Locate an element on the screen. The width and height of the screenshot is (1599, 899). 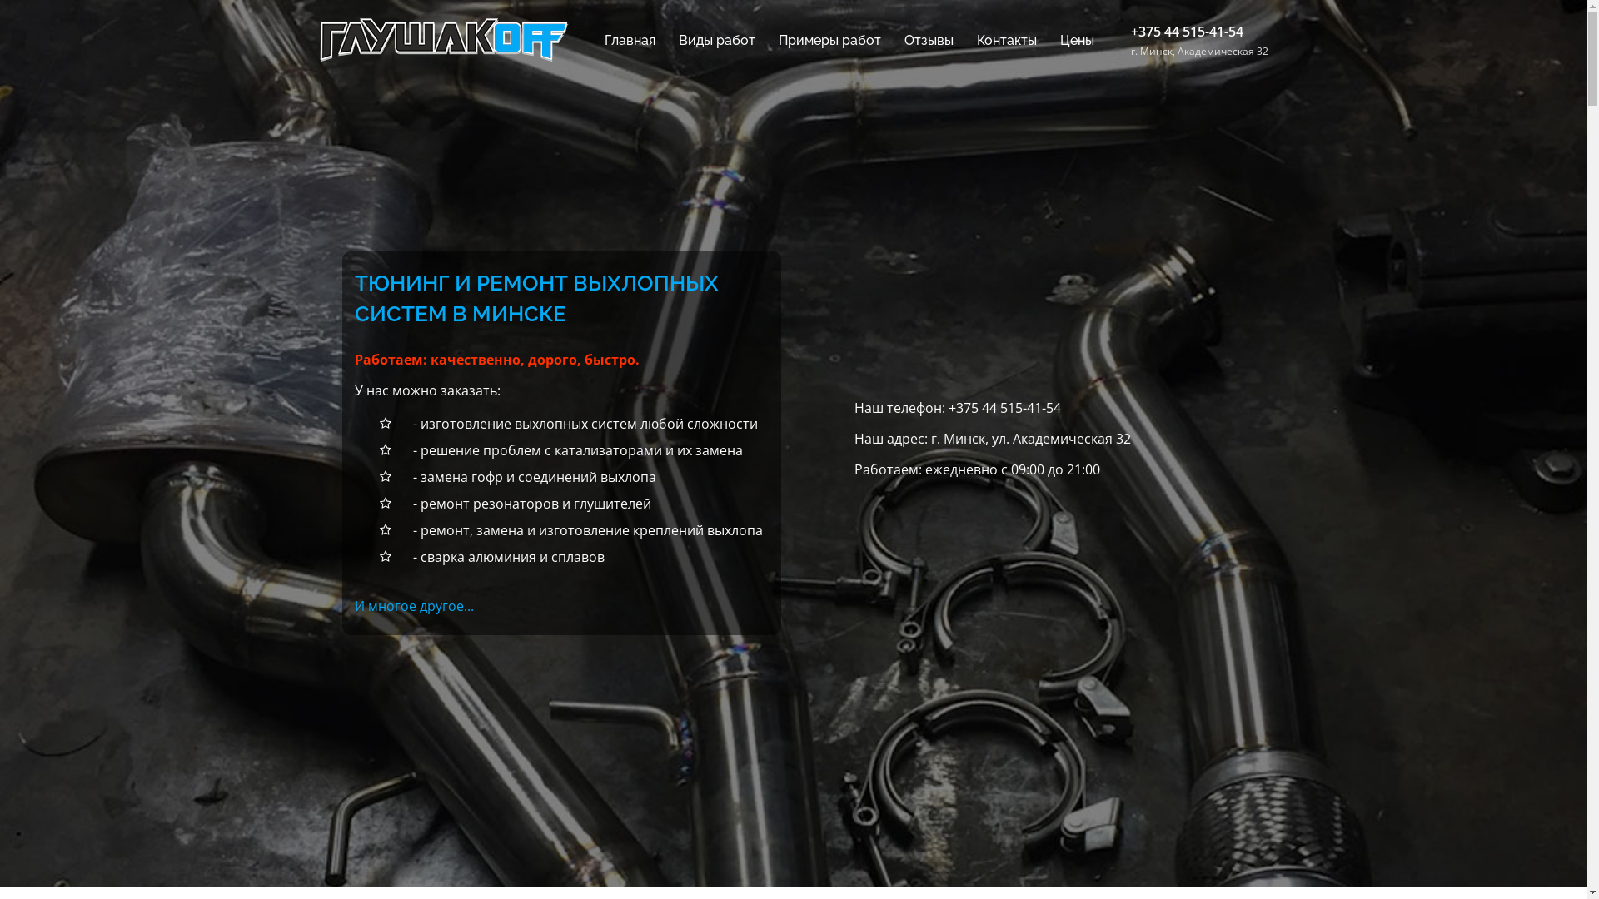
'Skip to content' is located at coordinates (0, 0).